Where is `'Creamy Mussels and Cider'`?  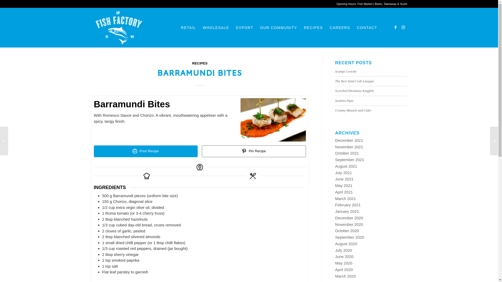 'Creamy Mussels and Cider' is located at coordinates (353, 110).